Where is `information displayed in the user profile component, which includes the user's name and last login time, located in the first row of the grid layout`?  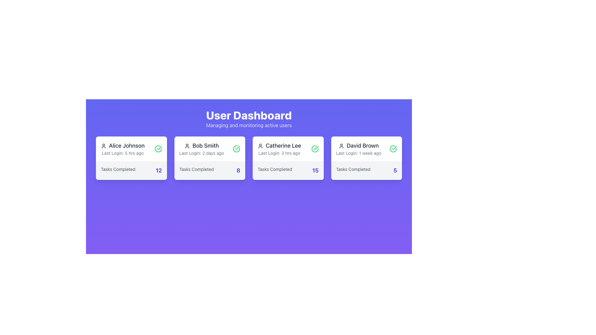
information displayed in the user profile component, which includes the user's name and last login time, located in the first row of the grid layout is located at coordinates (288, 149).